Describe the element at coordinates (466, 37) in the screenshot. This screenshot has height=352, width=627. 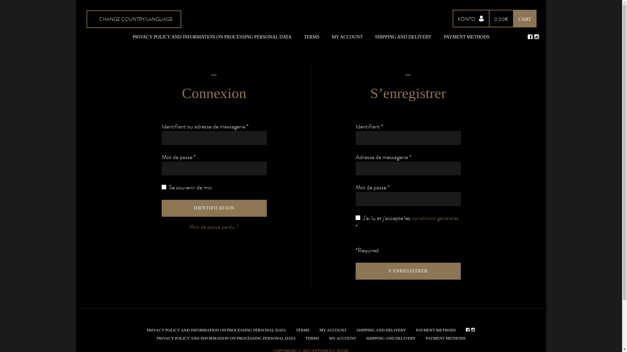
I see `'PAYMENT METHODS'` at that location.